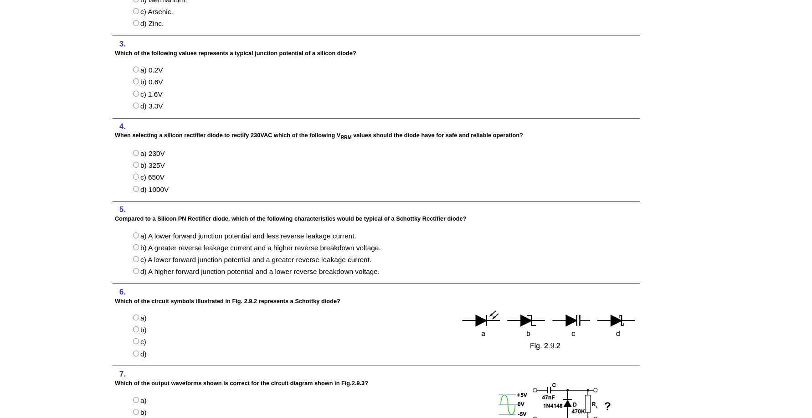 The height and width of the screenshot is (418, 812). What do you see at coordinates (437, 135) in the screenshot?
I see `'values should the diode have for safe and reliable operation?'` at bounding box center [437, 135].